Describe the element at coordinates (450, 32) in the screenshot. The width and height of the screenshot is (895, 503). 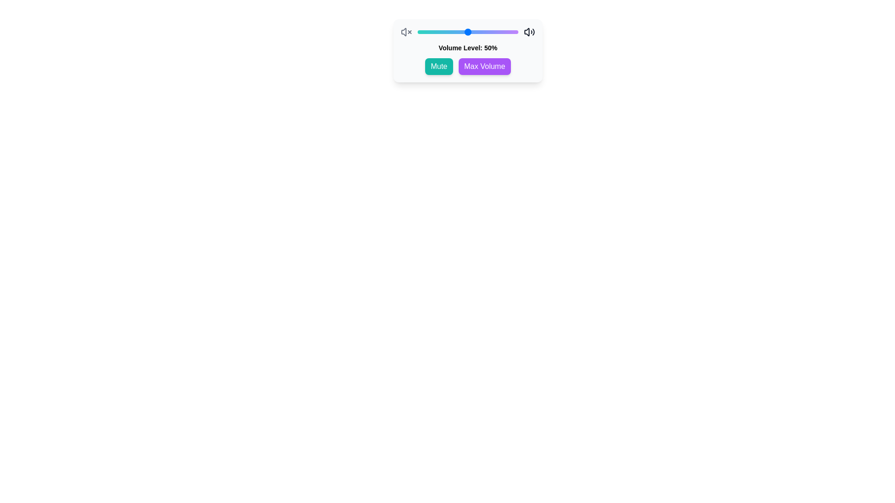
I see `the volume slider to set the volume level to 32%` at that location.